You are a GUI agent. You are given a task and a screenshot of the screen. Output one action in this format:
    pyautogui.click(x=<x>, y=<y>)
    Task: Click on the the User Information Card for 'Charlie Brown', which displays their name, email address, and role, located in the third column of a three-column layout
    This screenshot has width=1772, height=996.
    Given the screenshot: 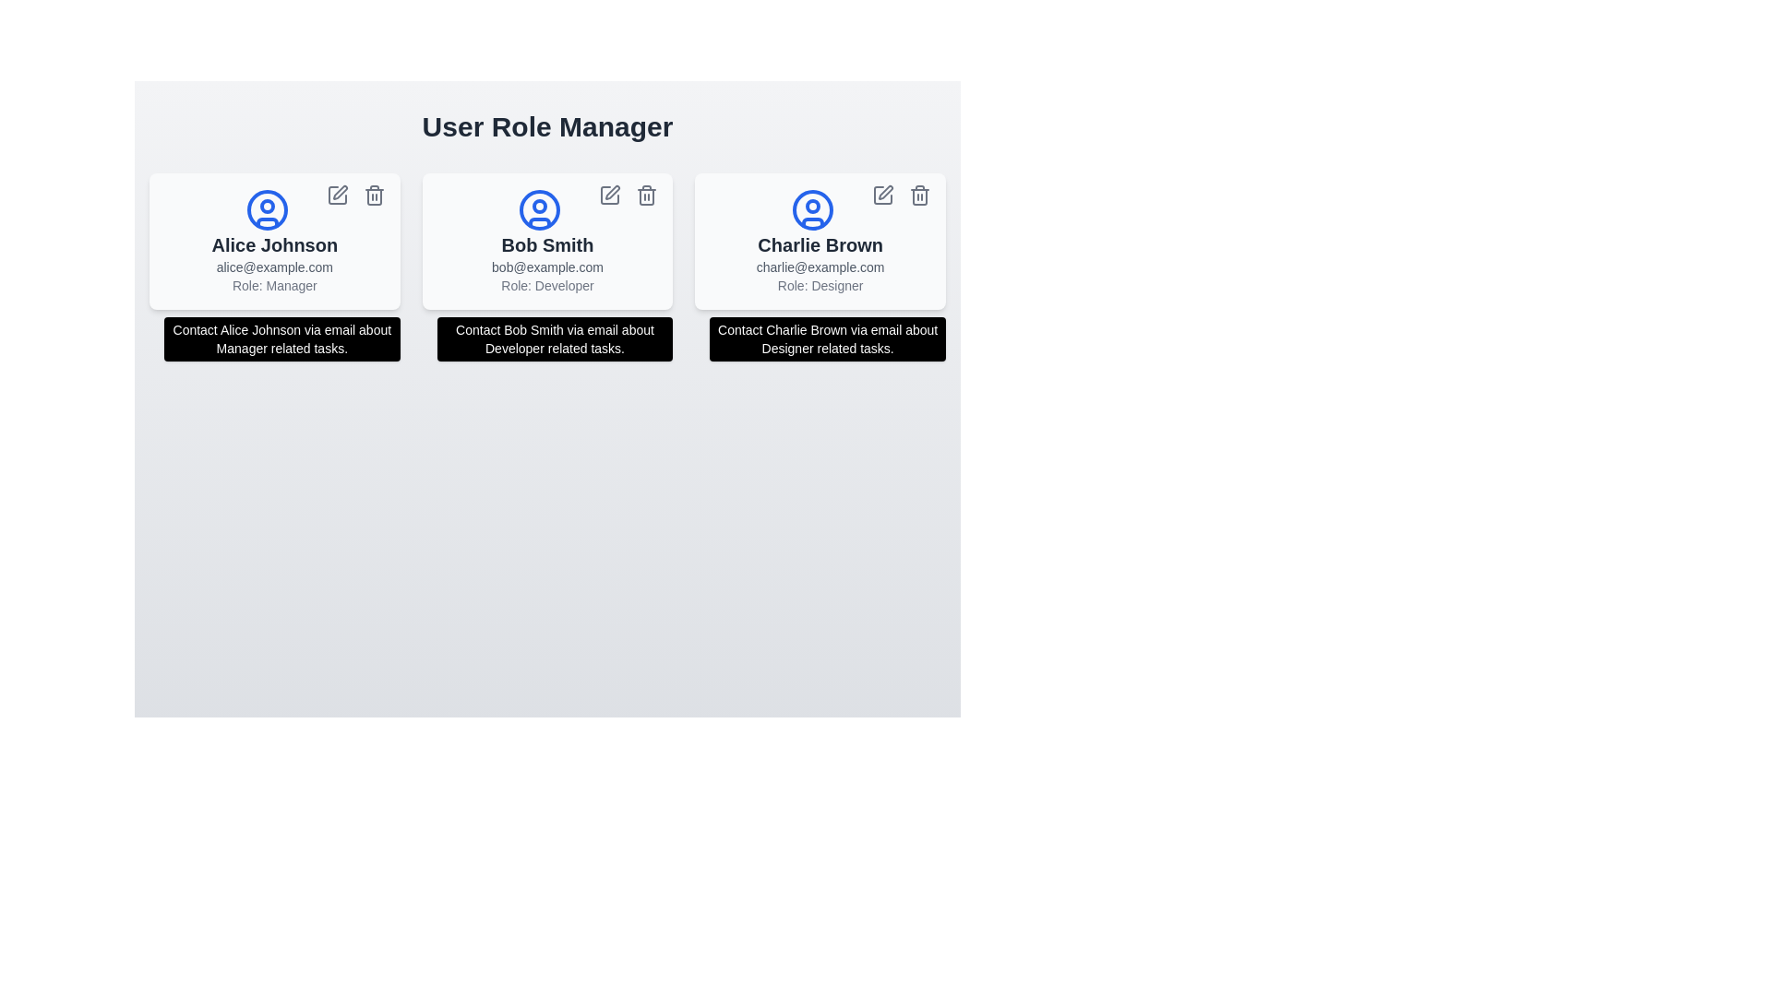 What is the action you would take?
    pyautogui.click(x=820, y=241)
    